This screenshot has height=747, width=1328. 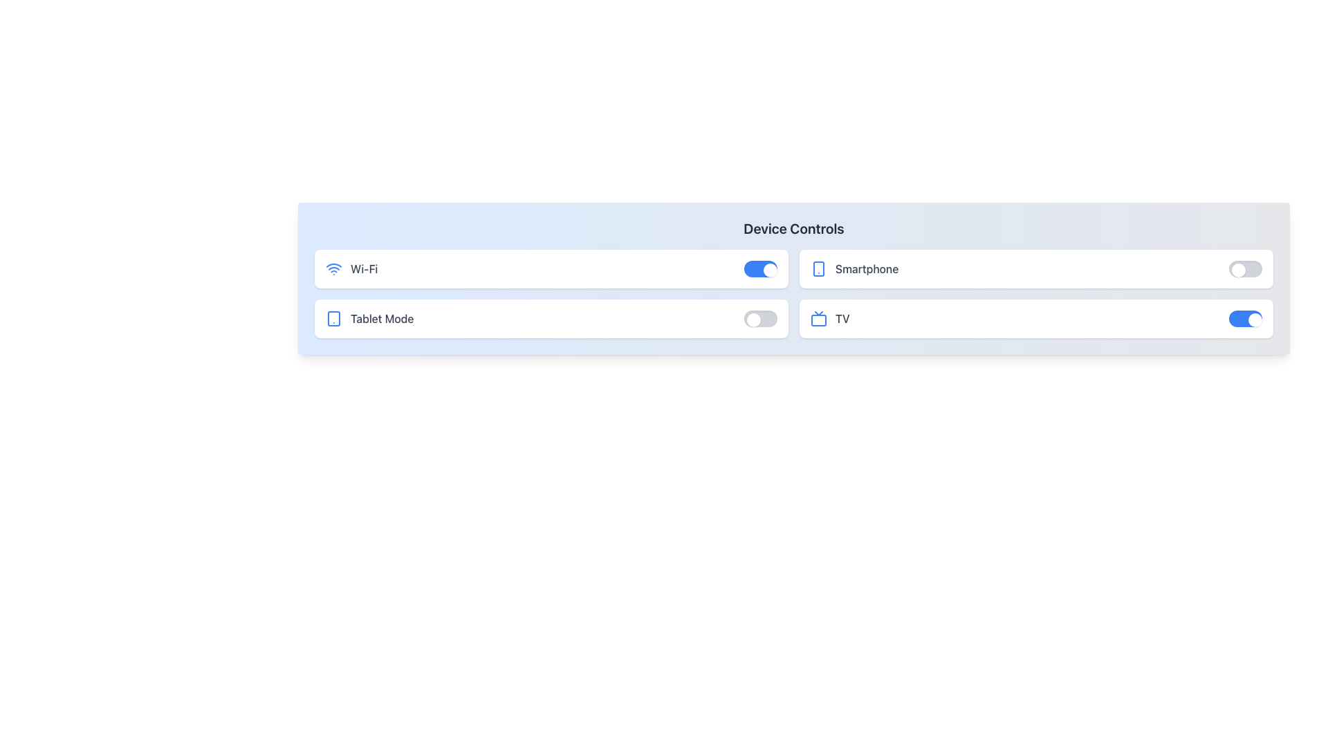 What do you see at coordinates (819, 269) in the screenshot?
I see `the 'Smartphone' icon located` at bounding box center [819, 269].